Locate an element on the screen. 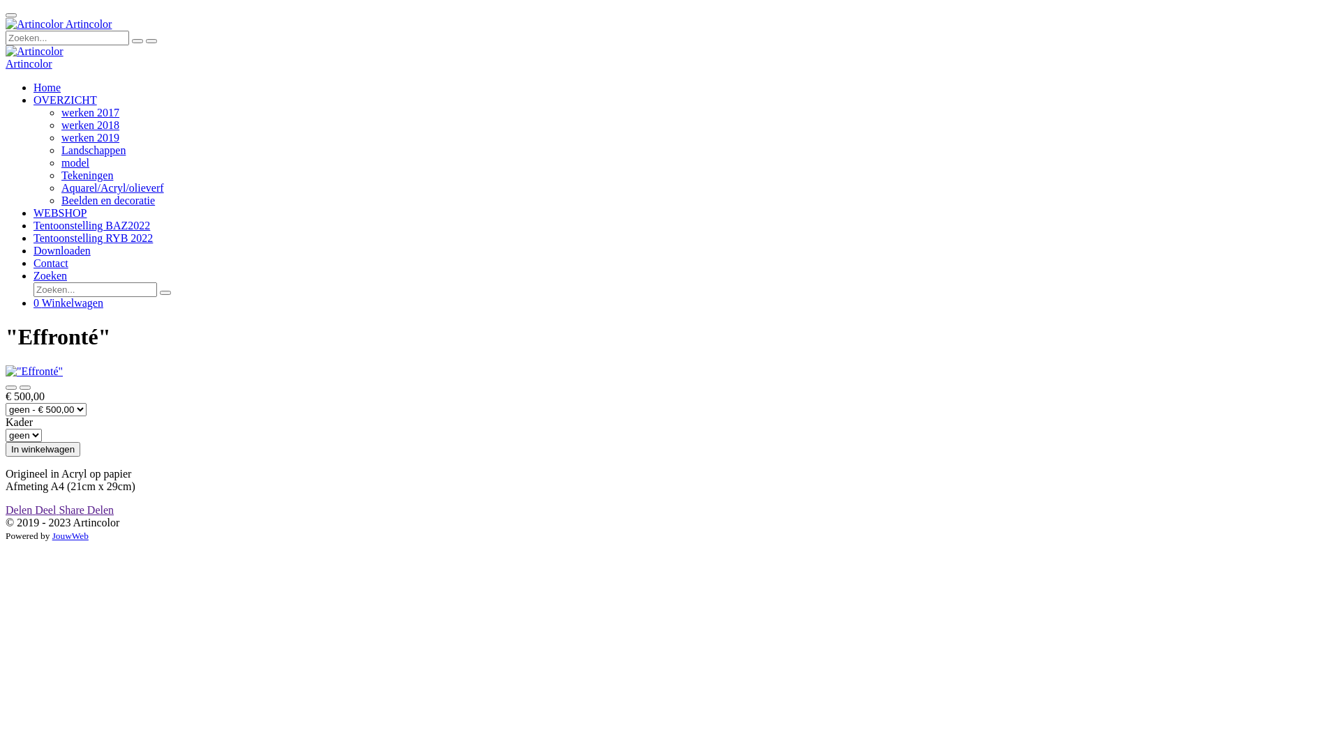 This screenshot has height=753, width=1340. 'Deel' is located at coordinates (47, 510).